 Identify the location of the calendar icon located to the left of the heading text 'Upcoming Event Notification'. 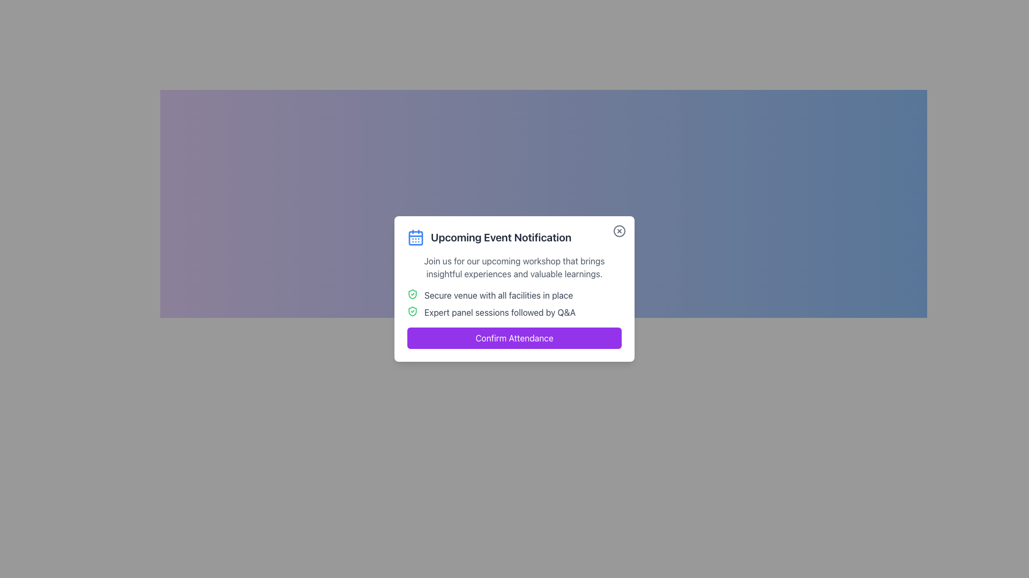
(415, 237).